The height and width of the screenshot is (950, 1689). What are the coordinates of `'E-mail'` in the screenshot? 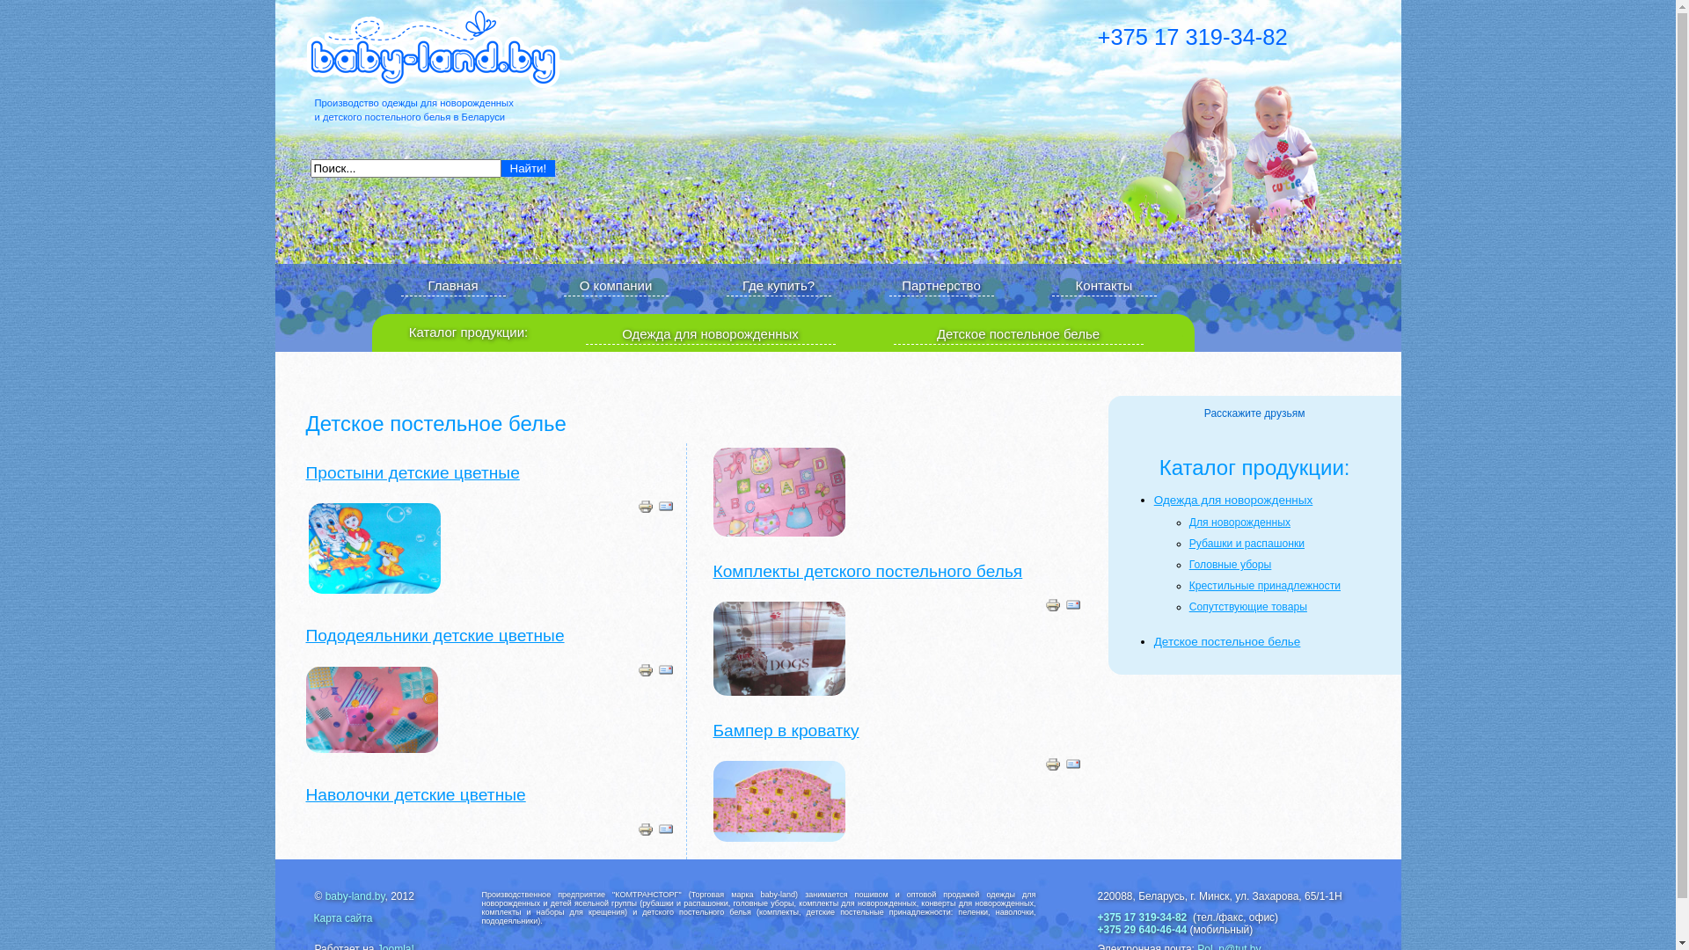 It's located at (665, 512).